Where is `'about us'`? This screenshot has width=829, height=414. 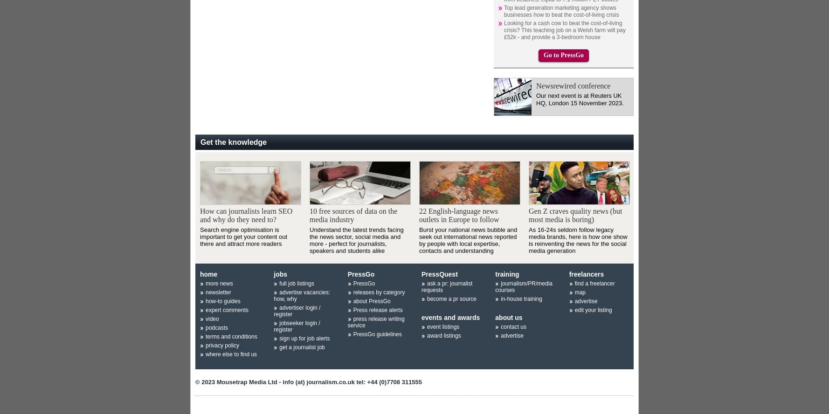 'about us' is located at coordinates (508, 318).